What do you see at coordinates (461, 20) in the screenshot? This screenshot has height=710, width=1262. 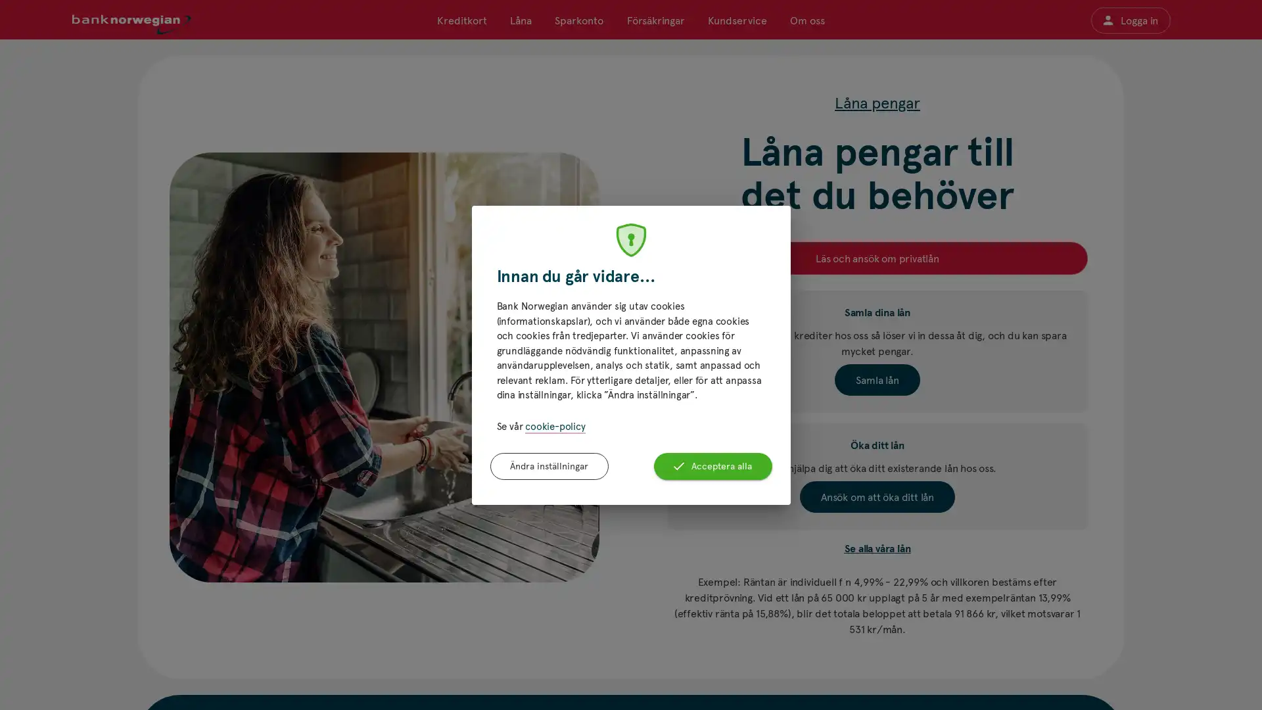 I see `Kreditkort` at bounding box center [461, 20].